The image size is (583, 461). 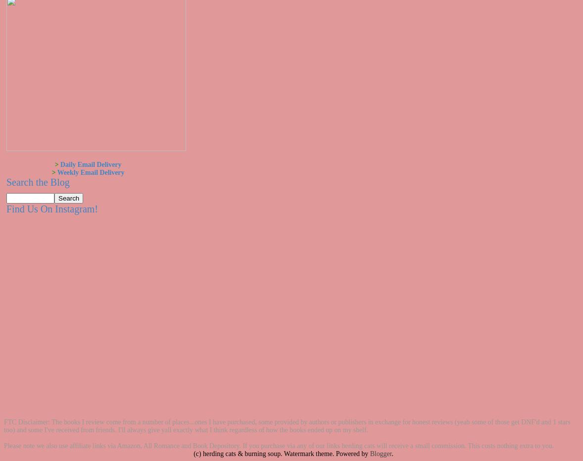 What do you see at coordinates (90, 172) in the screenshot?
I see `'Weekly Email Delivery'` at bounding box center [90, 172].